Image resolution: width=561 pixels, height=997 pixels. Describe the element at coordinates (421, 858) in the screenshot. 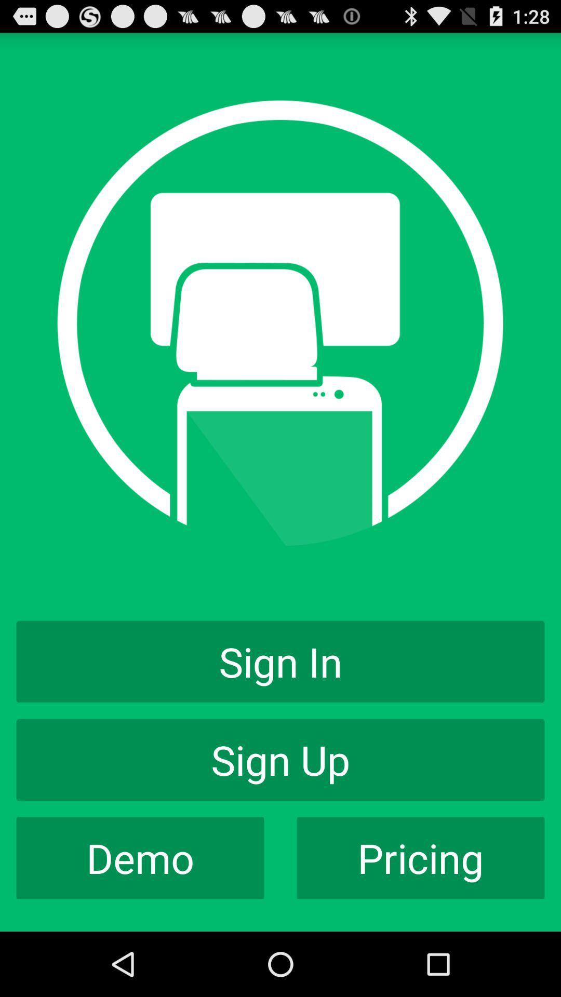

I see `app below sign up app` at that location.